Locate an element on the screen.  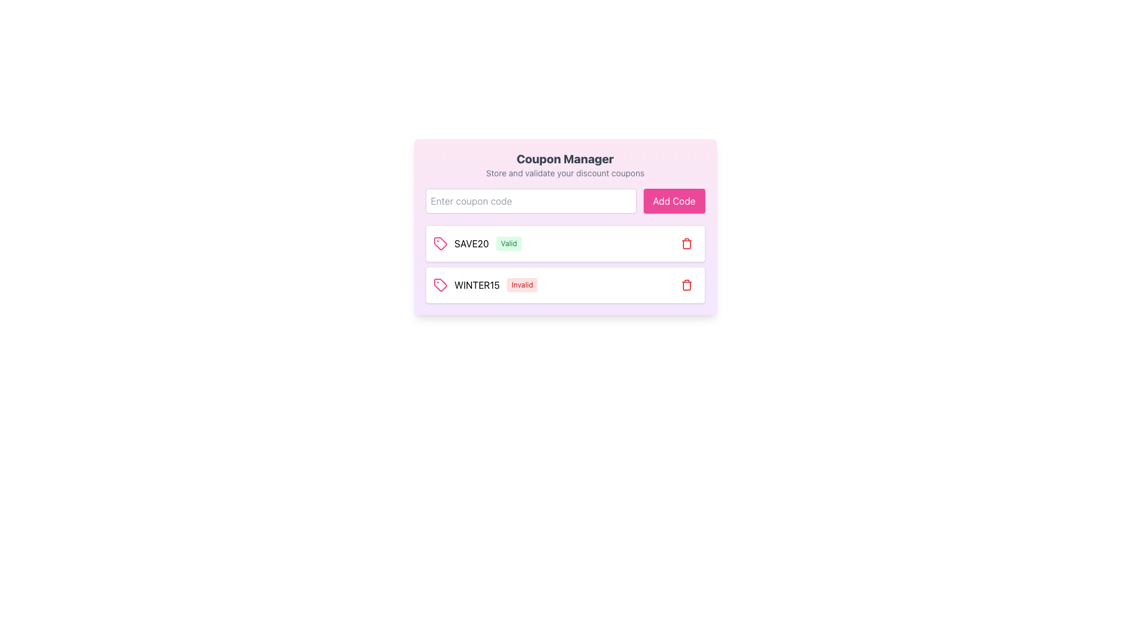
the coupon tag icon in the second row of the coupon list is located at coordinates (439, 285).